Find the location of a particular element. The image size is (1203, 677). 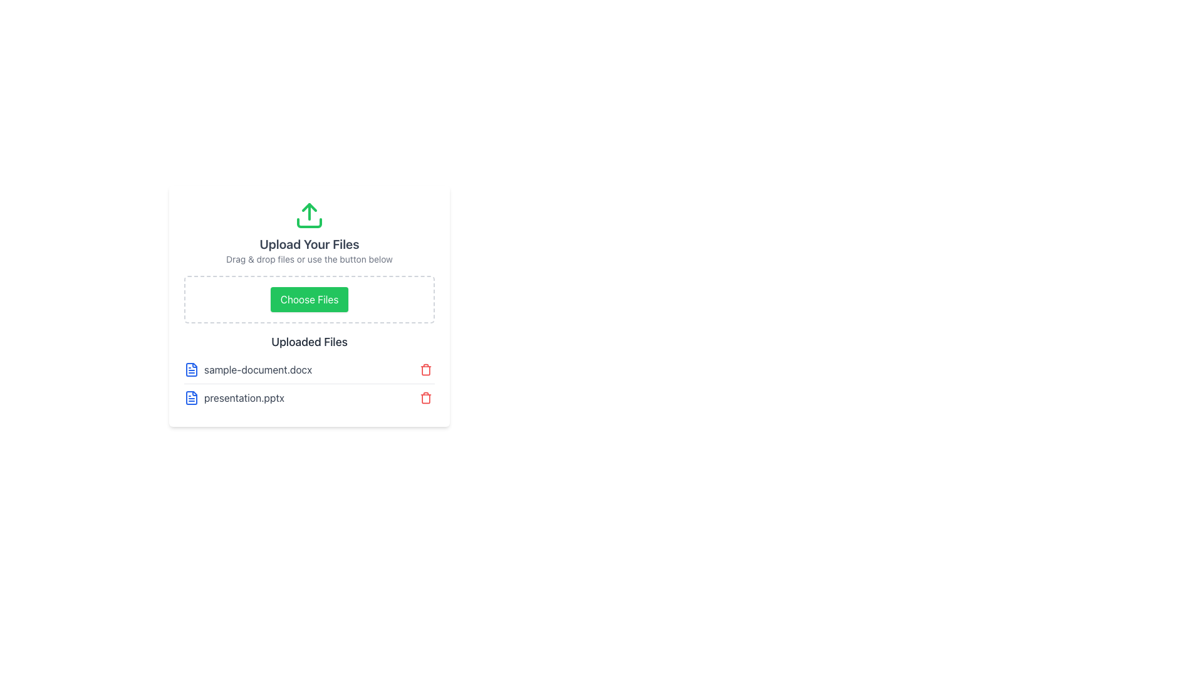

the file named 'presentation.pptx', which is the second item in the uploaded files list under the 'Uploaded Files' section is located at coordinates (310, 383).